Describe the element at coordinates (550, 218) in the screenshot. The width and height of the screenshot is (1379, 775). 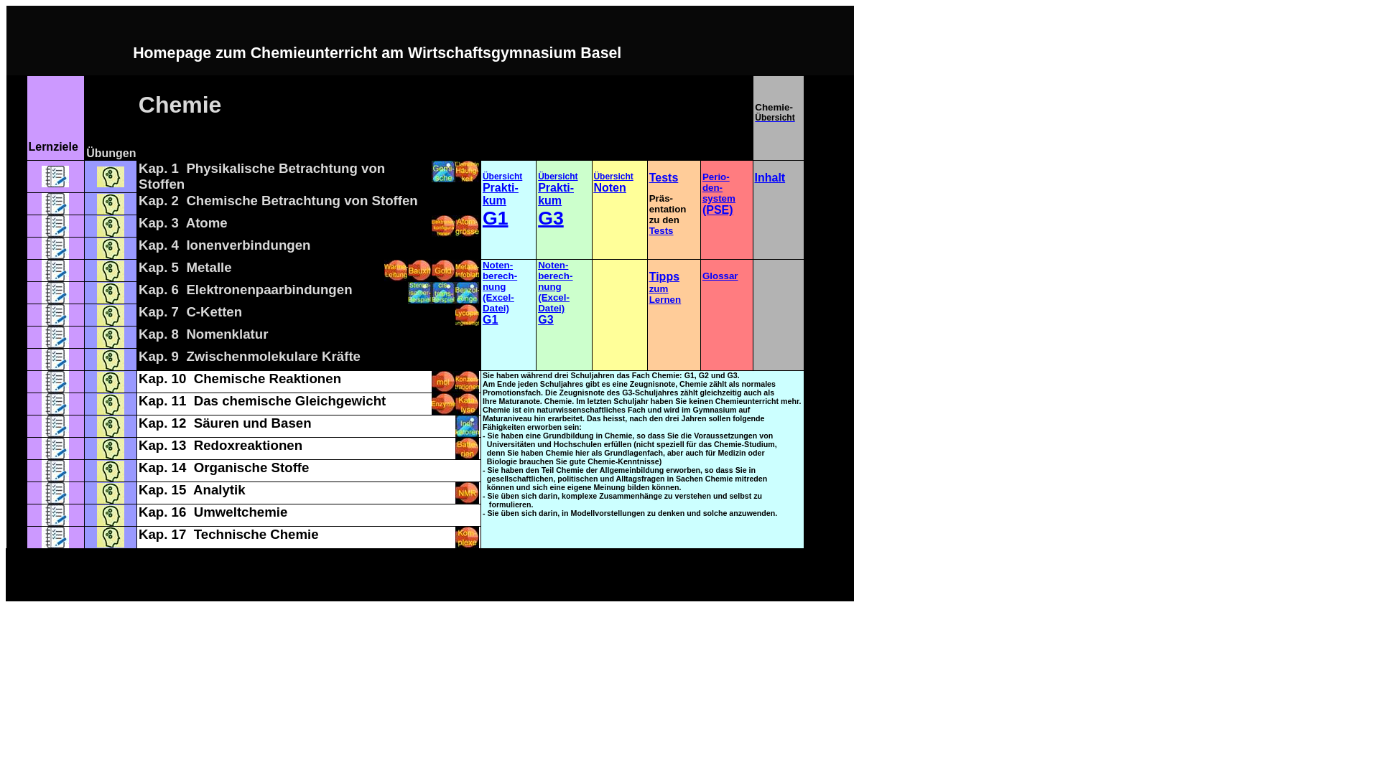
I see `'G3'` at that location.